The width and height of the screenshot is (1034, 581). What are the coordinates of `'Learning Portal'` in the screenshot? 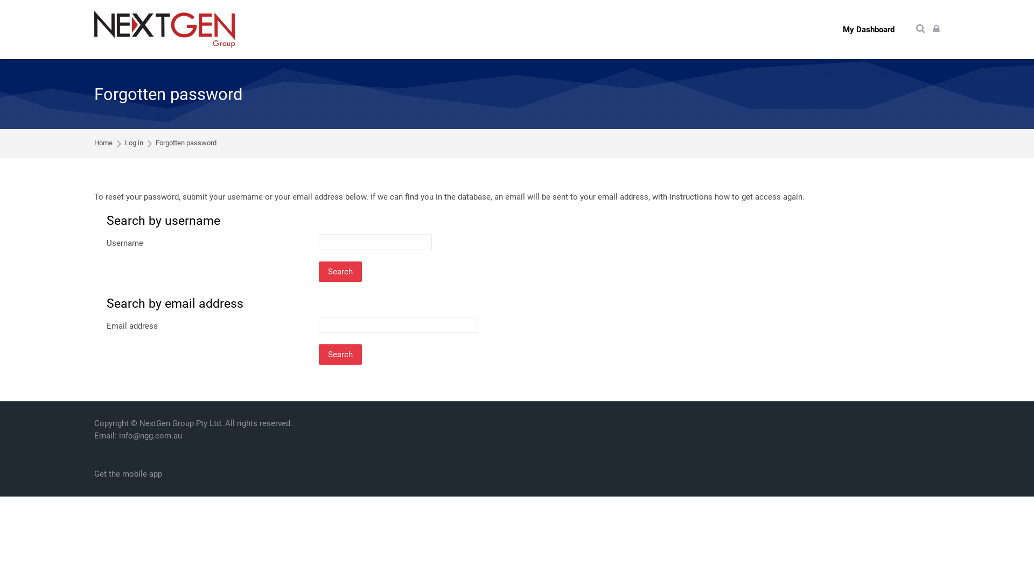 It's located at (164, 29).